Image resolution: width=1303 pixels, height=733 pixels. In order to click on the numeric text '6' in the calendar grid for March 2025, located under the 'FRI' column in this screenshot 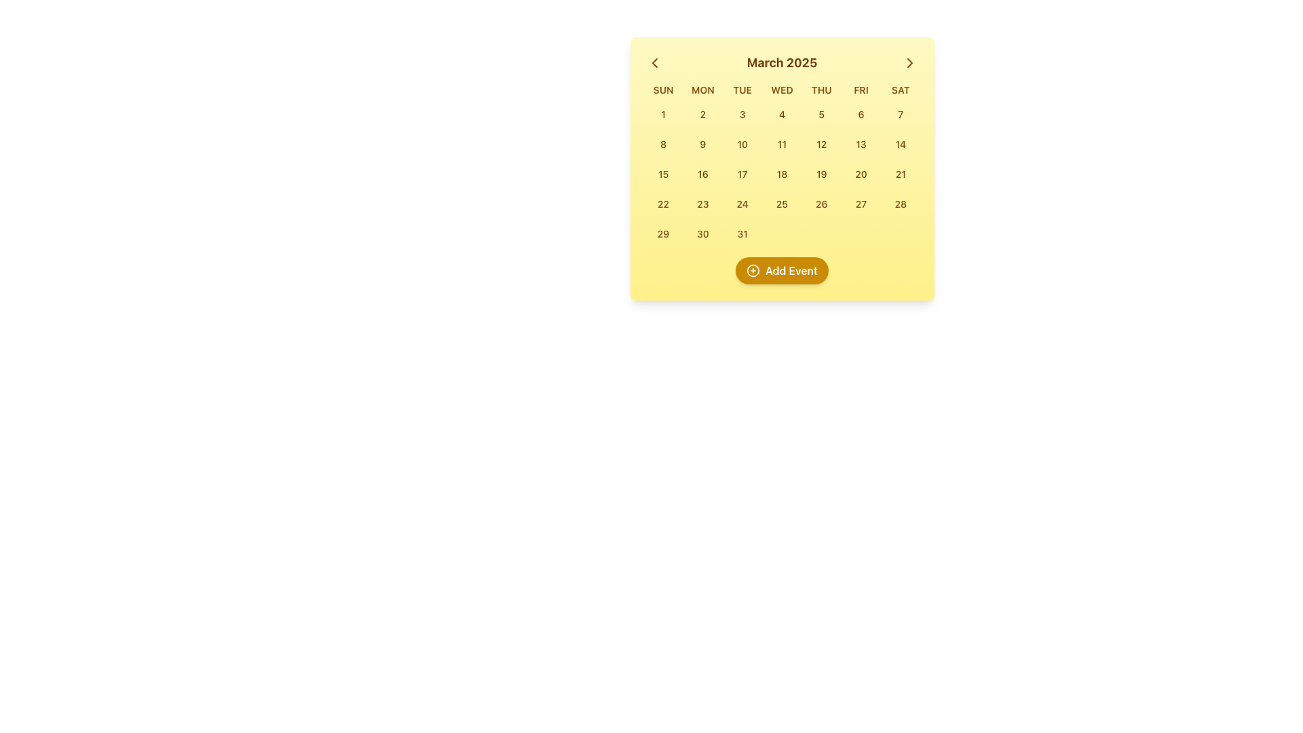, I will do `click(861, 113)`.